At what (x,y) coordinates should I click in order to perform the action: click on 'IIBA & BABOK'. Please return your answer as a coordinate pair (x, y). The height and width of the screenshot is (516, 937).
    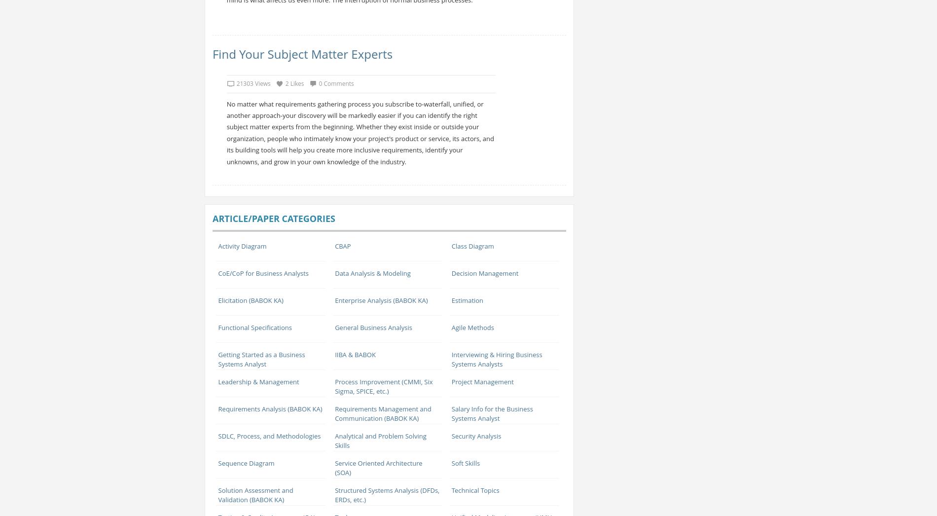
    Looking at the image, I should click on (354, 354).